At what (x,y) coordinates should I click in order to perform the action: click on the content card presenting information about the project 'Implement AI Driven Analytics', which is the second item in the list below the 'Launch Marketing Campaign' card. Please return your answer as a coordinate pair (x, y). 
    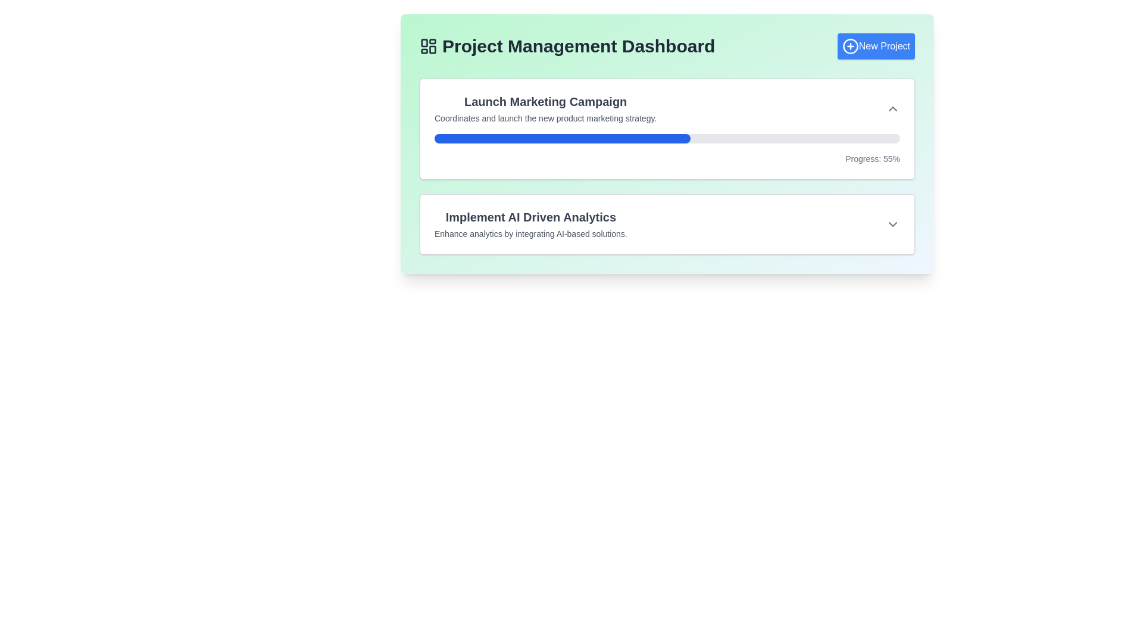
    Looking at the image, I should click on (667, 224).